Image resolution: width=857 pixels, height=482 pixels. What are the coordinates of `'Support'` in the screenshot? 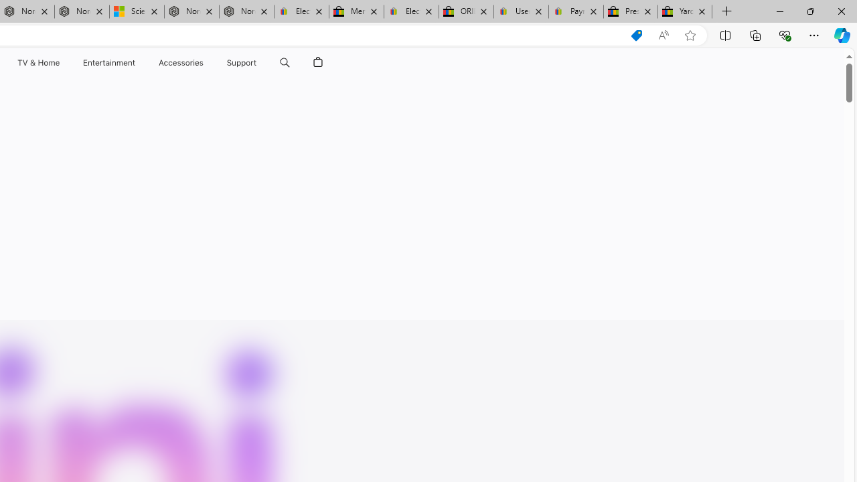 It's located at (242, 62).